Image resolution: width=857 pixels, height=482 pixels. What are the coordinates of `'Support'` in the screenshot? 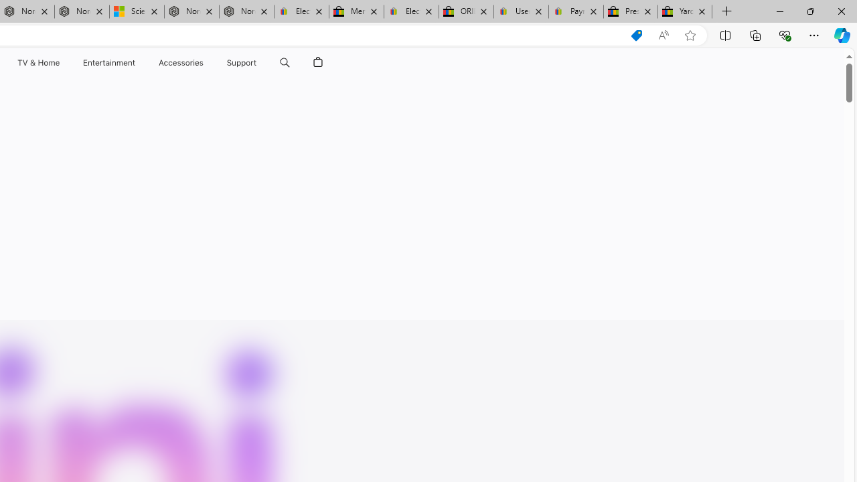 It's located at (242, 62).